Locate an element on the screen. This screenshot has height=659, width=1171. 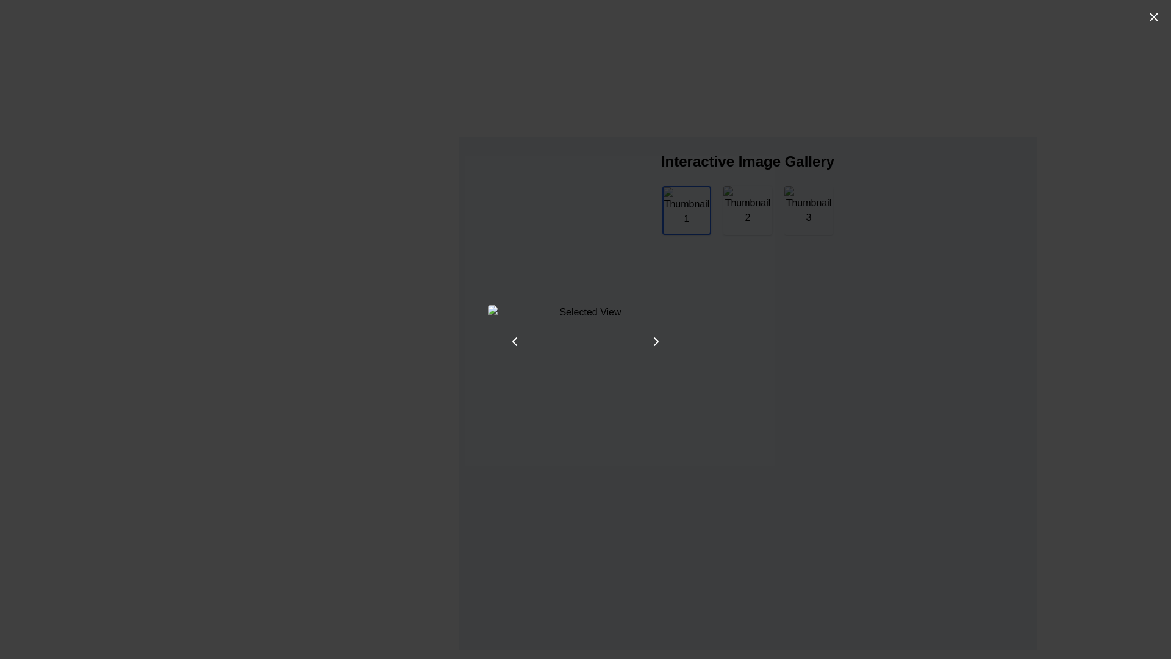
the left-pointing chevron icon button with white strokes on a dark background, located on the left side of its section is located at coordinates (515, 341).